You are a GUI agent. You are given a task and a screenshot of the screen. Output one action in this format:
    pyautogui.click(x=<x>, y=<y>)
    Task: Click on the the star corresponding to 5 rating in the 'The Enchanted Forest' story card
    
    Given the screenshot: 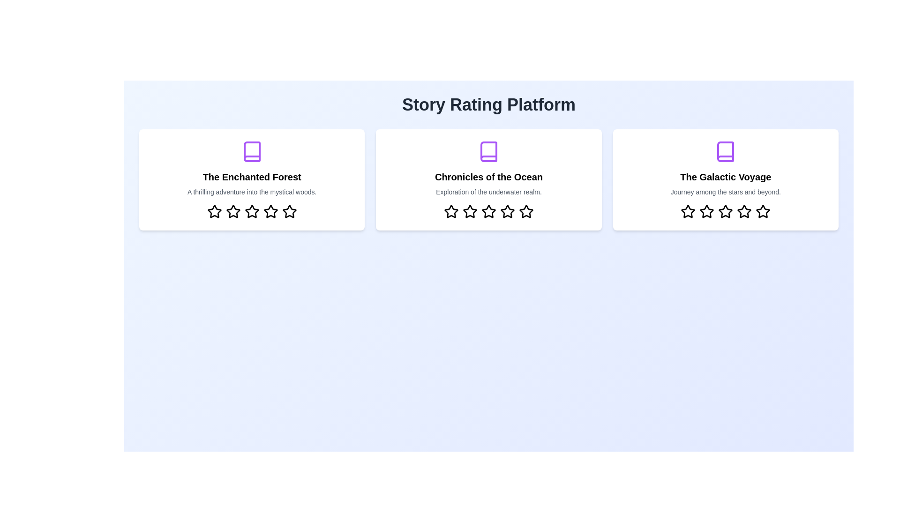 What is the action you would take?
    pyautogui.click(x=289, y=211)
    